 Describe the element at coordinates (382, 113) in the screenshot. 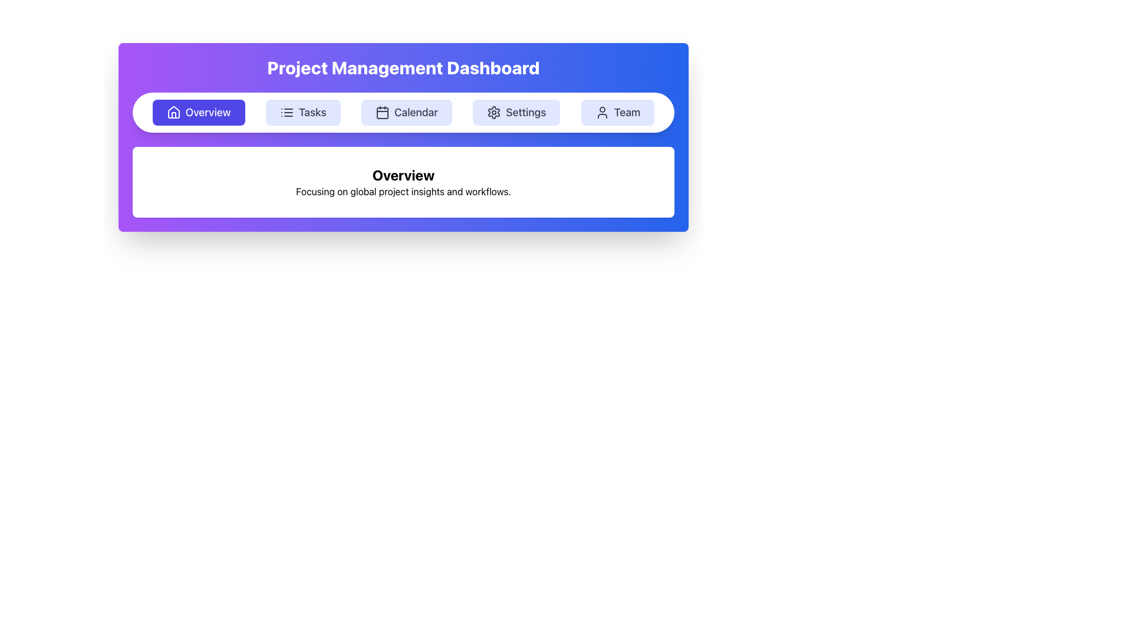

I see `the decorative rectangle with rounded corners within the 'Calendar' icon, which is the third item in the navigation menu` at that location.